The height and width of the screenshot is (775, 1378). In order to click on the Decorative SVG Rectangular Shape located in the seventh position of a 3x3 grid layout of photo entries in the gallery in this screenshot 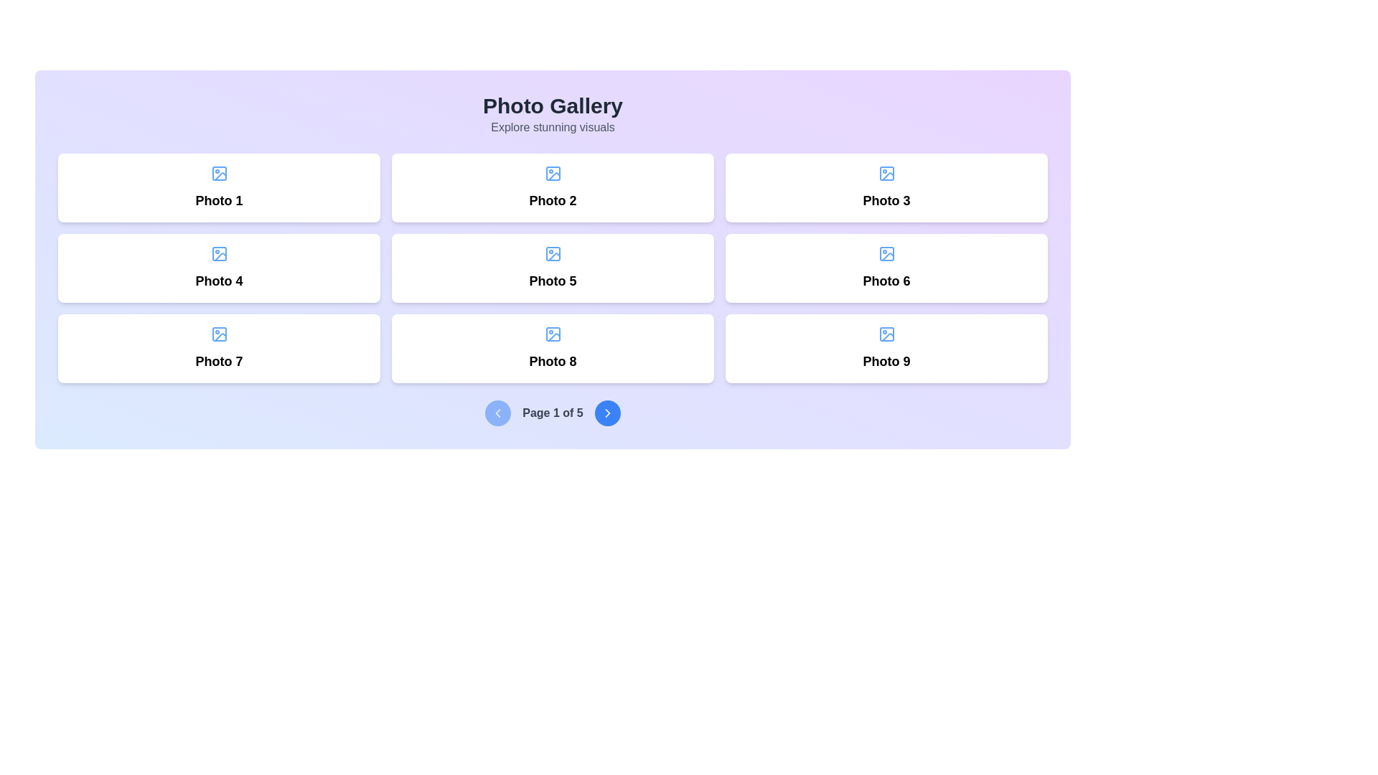, I will do `click(218, 334)`.